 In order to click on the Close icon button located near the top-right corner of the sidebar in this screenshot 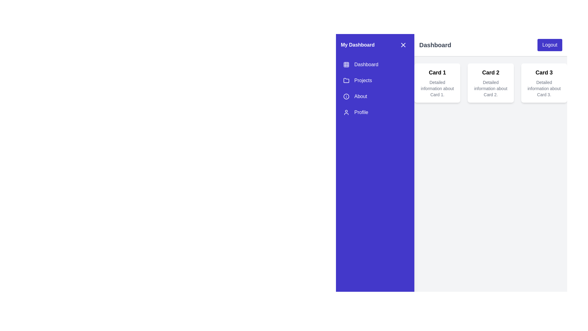, I will do `click(403, 44)`.